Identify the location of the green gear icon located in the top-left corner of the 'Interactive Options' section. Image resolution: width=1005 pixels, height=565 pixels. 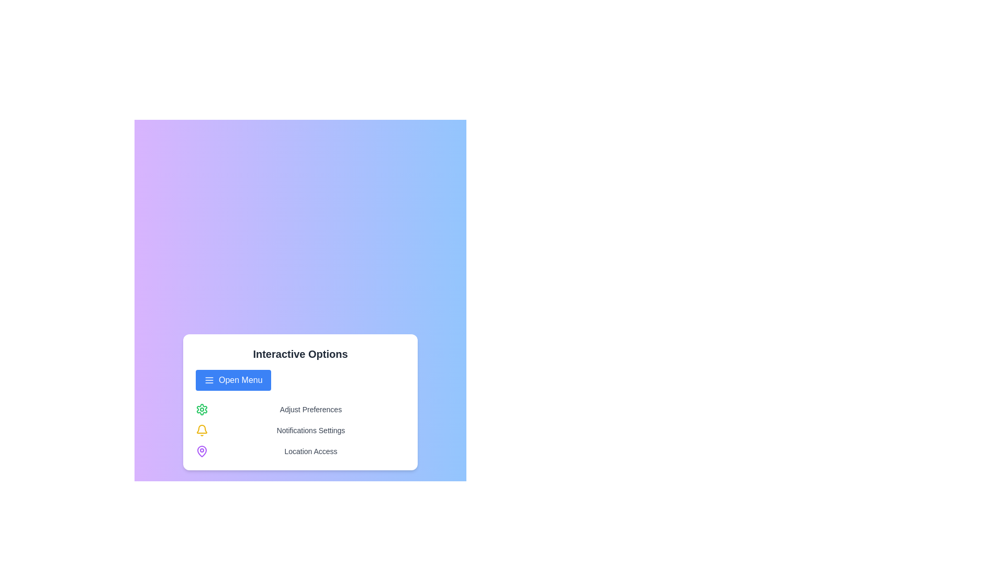
(202, 409).